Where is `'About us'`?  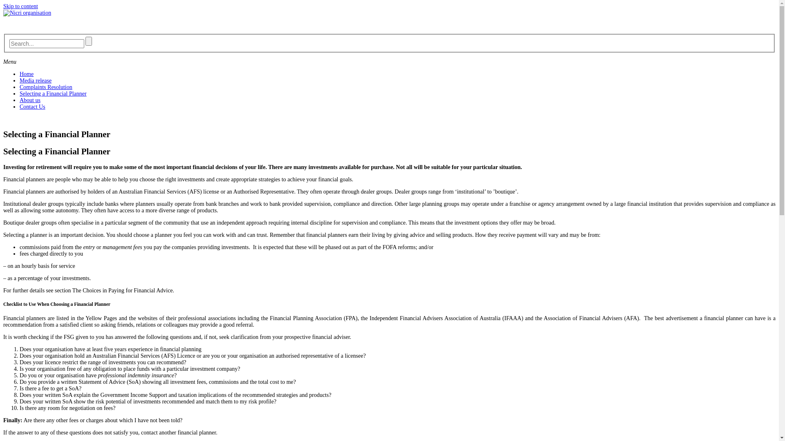 'About us' is located at coordinates (30, 100).